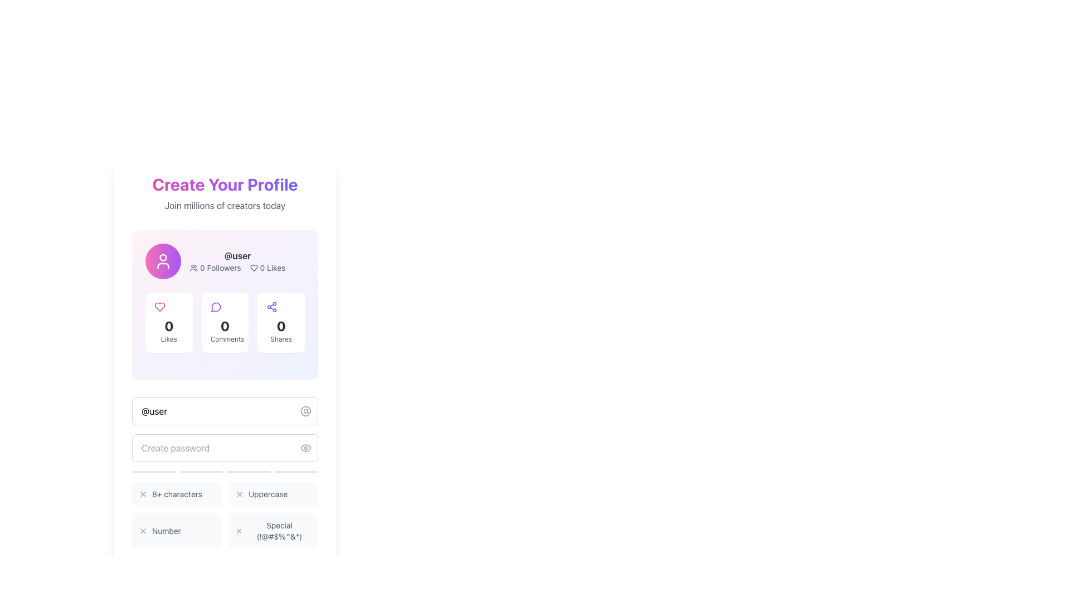 Image resolution: width=1070 pixels, height=602 pixels. Describe the element at coordinates (305, 411) in the screenshot. I see `the '@' icon located at the far-right inside the username input field, which emphasizes the username format requirement` at that location.